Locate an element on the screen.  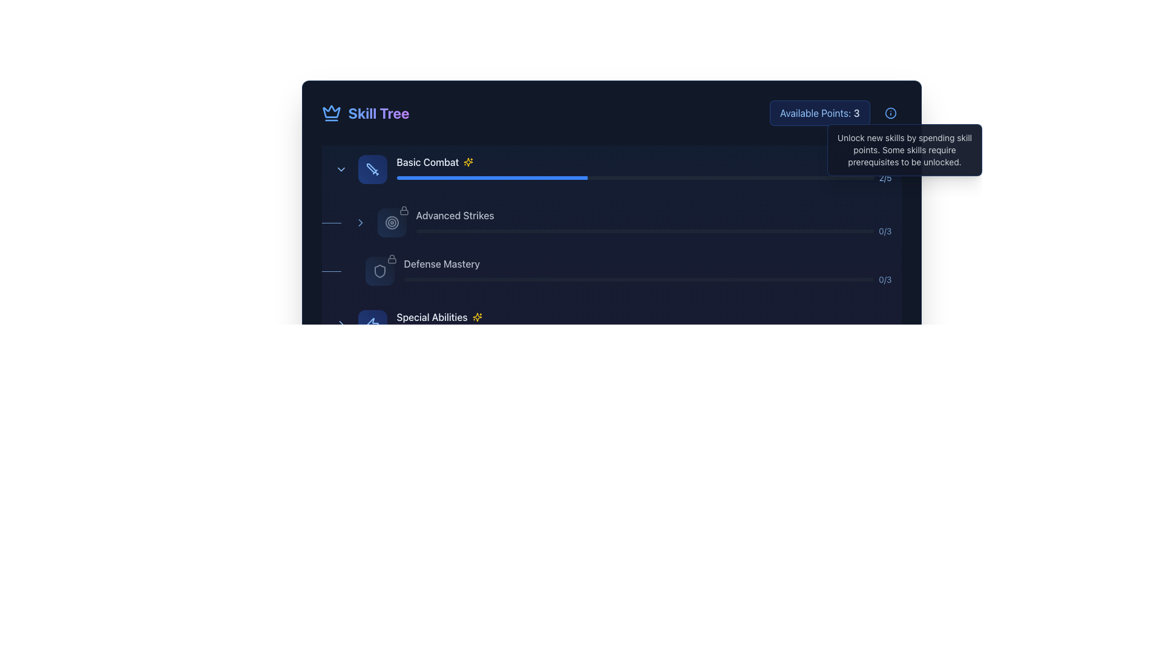
the skill progress bar labeled 'Basic Combat 2/5' is located at coordinates (643, 170).